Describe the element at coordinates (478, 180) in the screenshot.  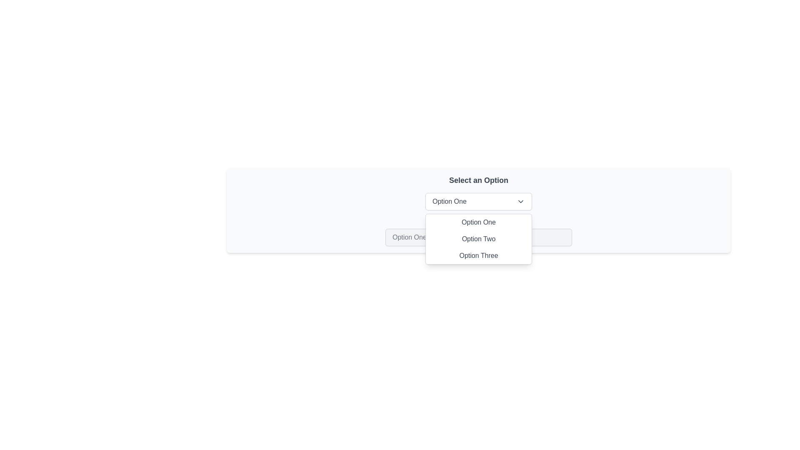
I see `the Text Label that provides context for the dropdown menu labeled 'Option One' located at the top of its section` at that location.